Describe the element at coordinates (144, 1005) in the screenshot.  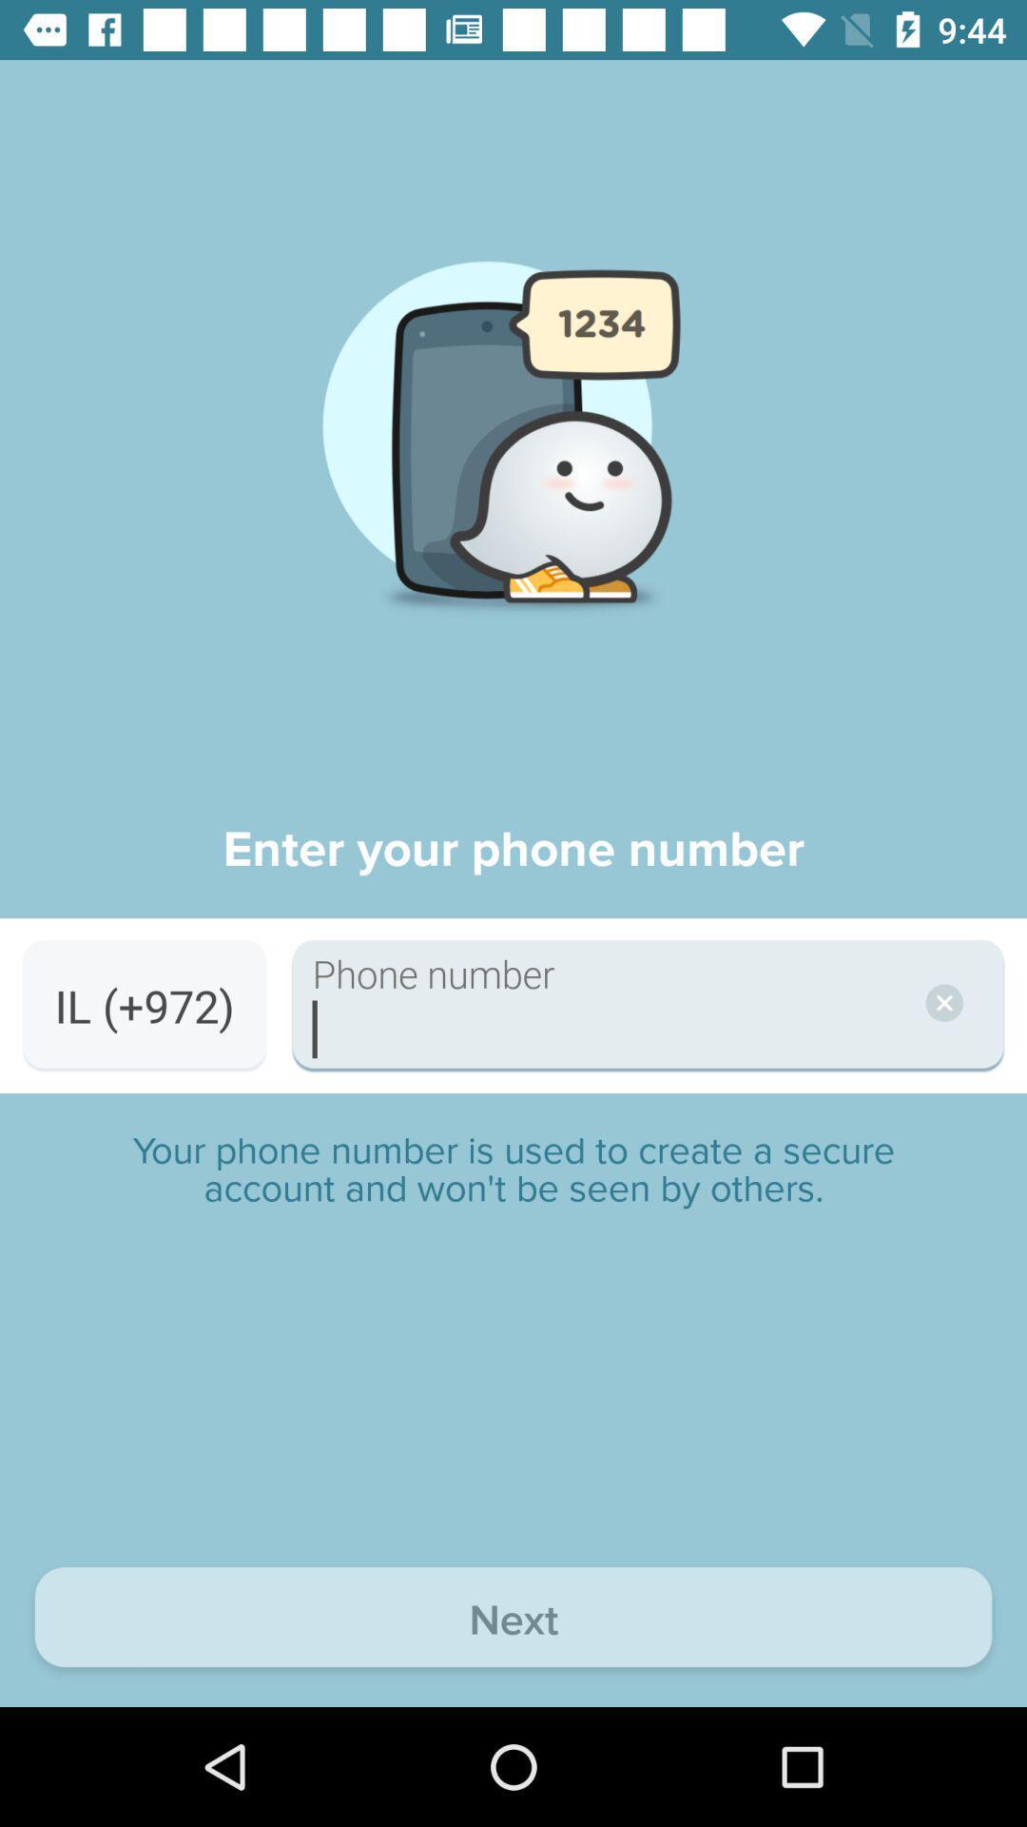
I see `the il (+972) item` at that location.